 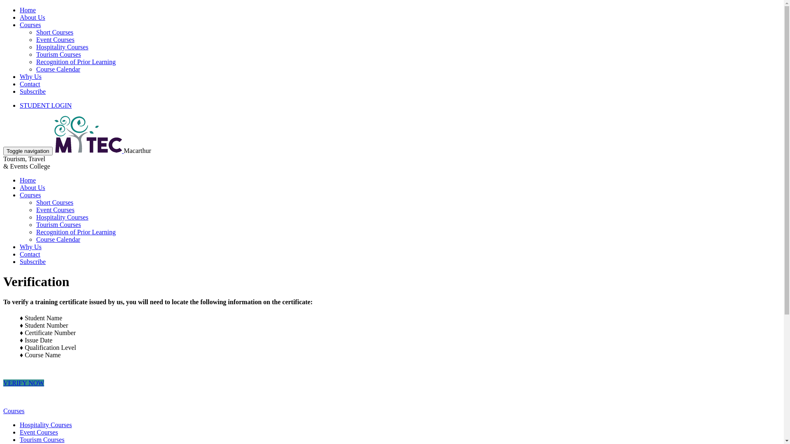 What do you see at coordinates (20, 24) in the screenshot?
I see `'Courses'` at bounding box center [20, 24].